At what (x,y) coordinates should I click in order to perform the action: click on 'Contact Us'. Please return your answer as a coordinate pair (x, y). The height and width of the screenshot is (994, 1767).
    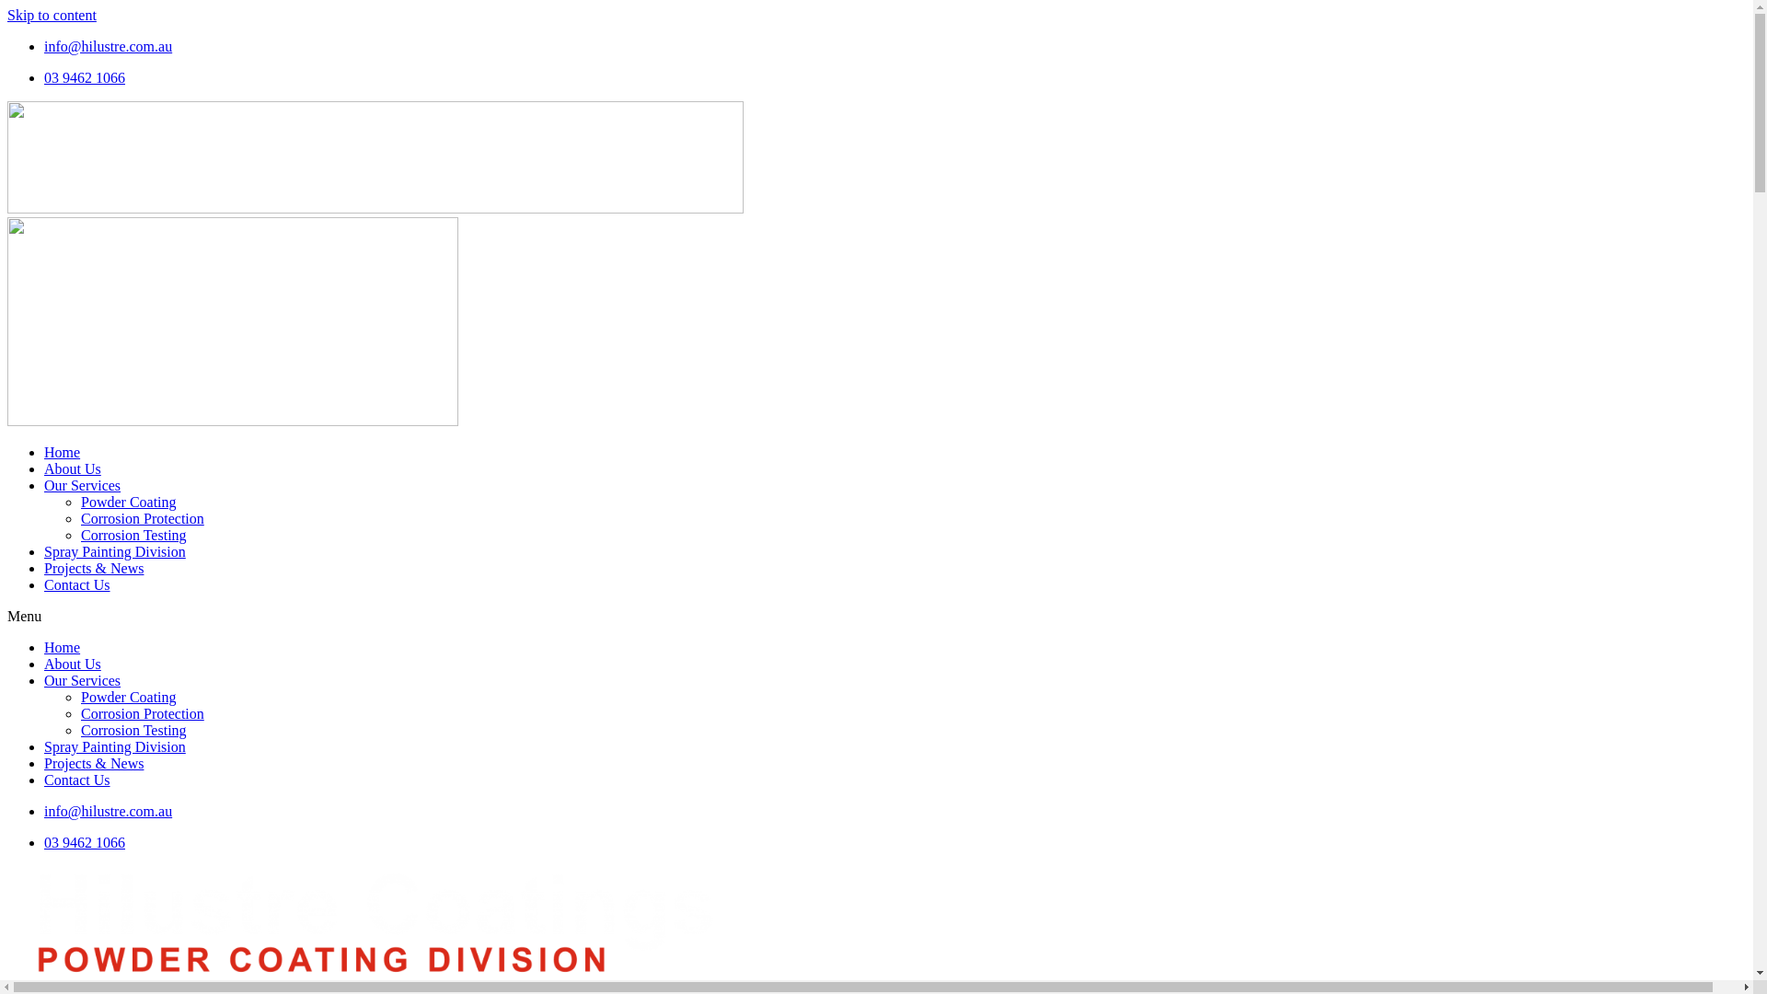
    Looking at the image, I should click on (75, 584).